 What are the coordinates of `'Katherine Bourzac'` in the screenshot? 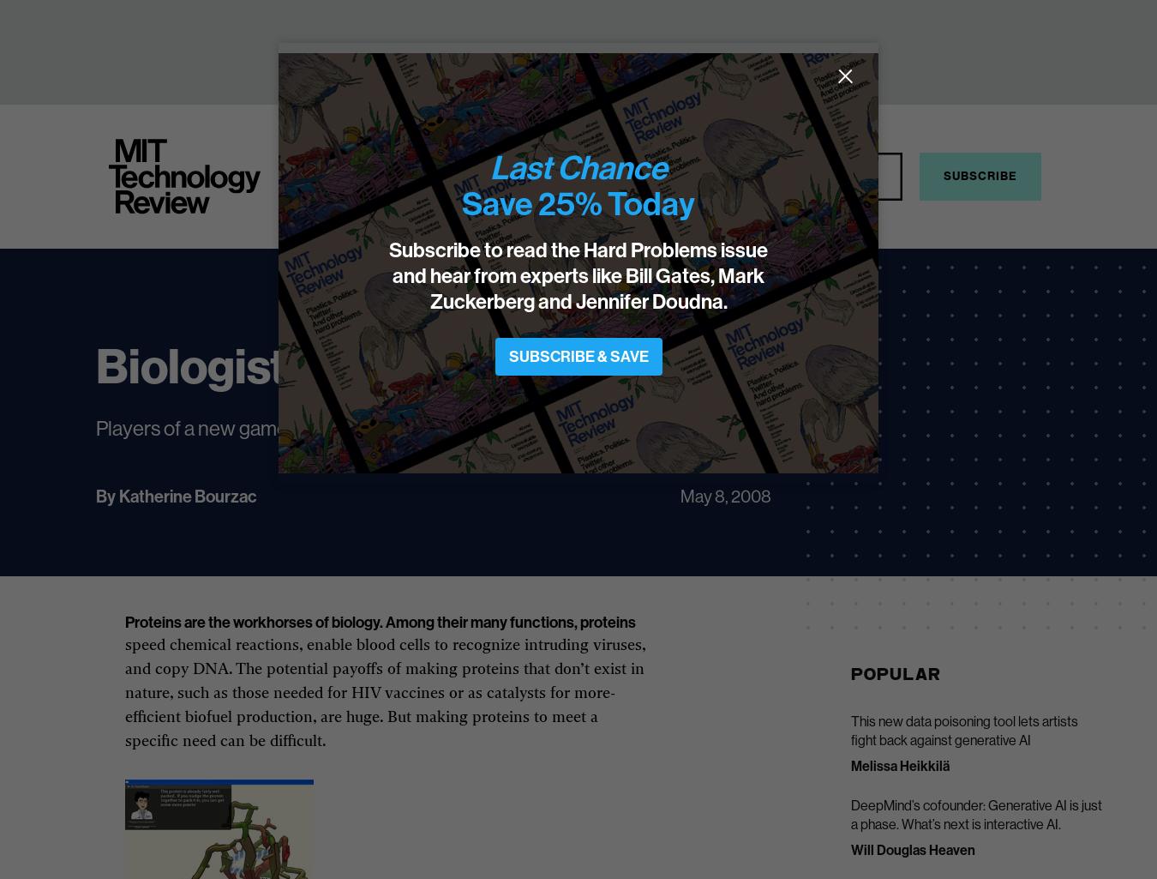 It's located at (188, 497).